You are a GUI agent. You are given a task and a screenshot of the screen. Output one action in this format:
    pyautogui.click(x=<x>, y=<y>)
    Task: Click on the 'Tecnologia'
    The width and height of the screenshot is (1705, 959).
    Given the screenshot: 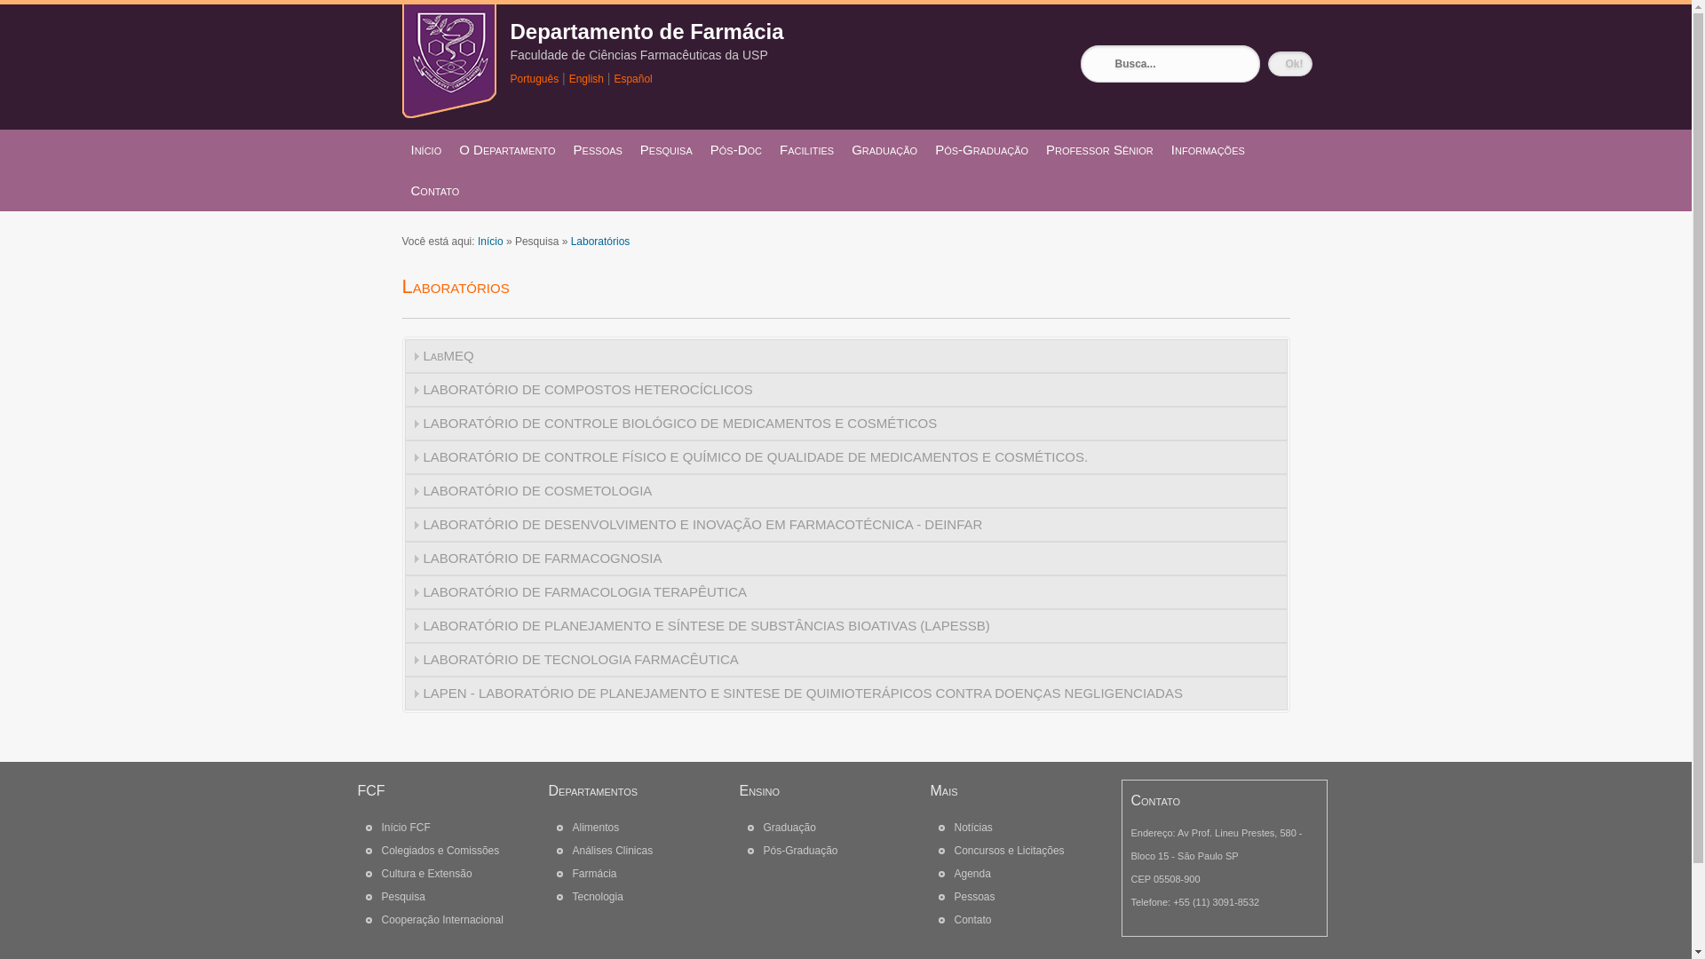 What is the action you would take?
    pyautogui.click(x=597, y=897)
    